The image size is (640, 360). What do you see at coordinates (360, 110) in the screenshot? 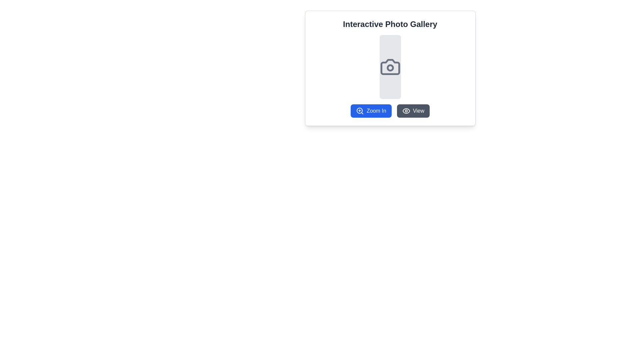
I see `the zoom-in icon located to the left of the 'Zoom In' button in the 'Interactive Photo Gallery' section` at bounding box center [360, 110].